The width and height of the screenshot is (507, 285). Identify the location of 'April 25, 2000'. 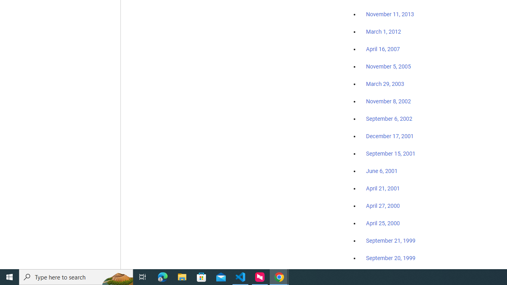
(383, 223).